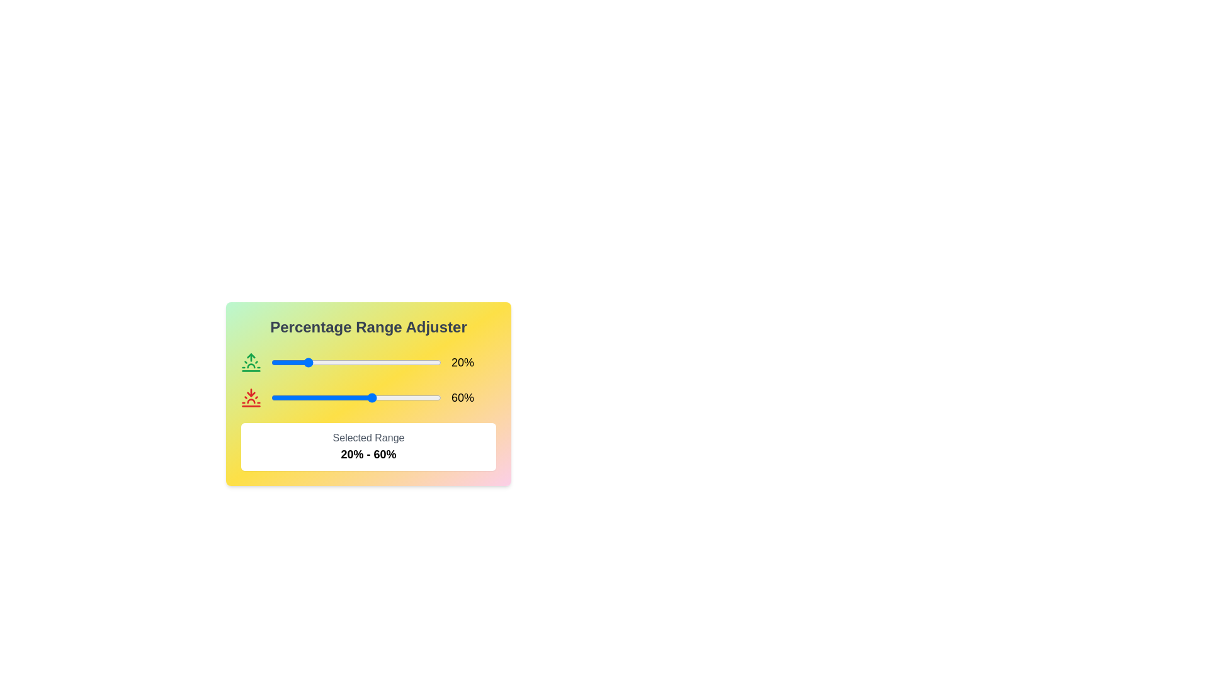  What do you see at coordinates (384, 398) in the screenshot?
I see `the slider position` at bounding box center [384, 398].